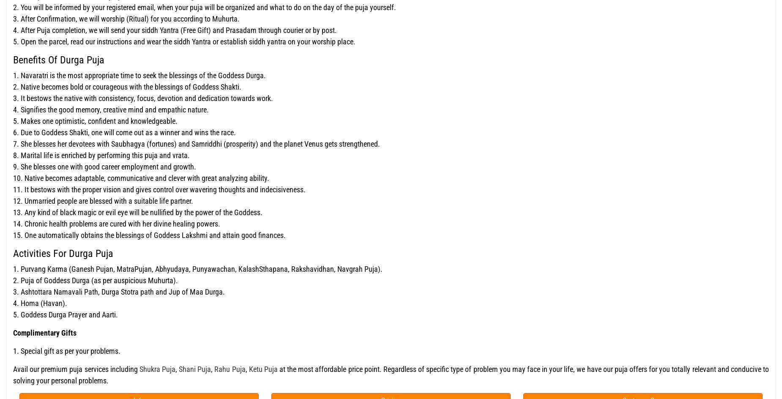 This screenshot has height=399, width=782. I want to click on '3. After Confirmation, we will worship (Ritual) for you according to Muhurta.', so click(126, 19).